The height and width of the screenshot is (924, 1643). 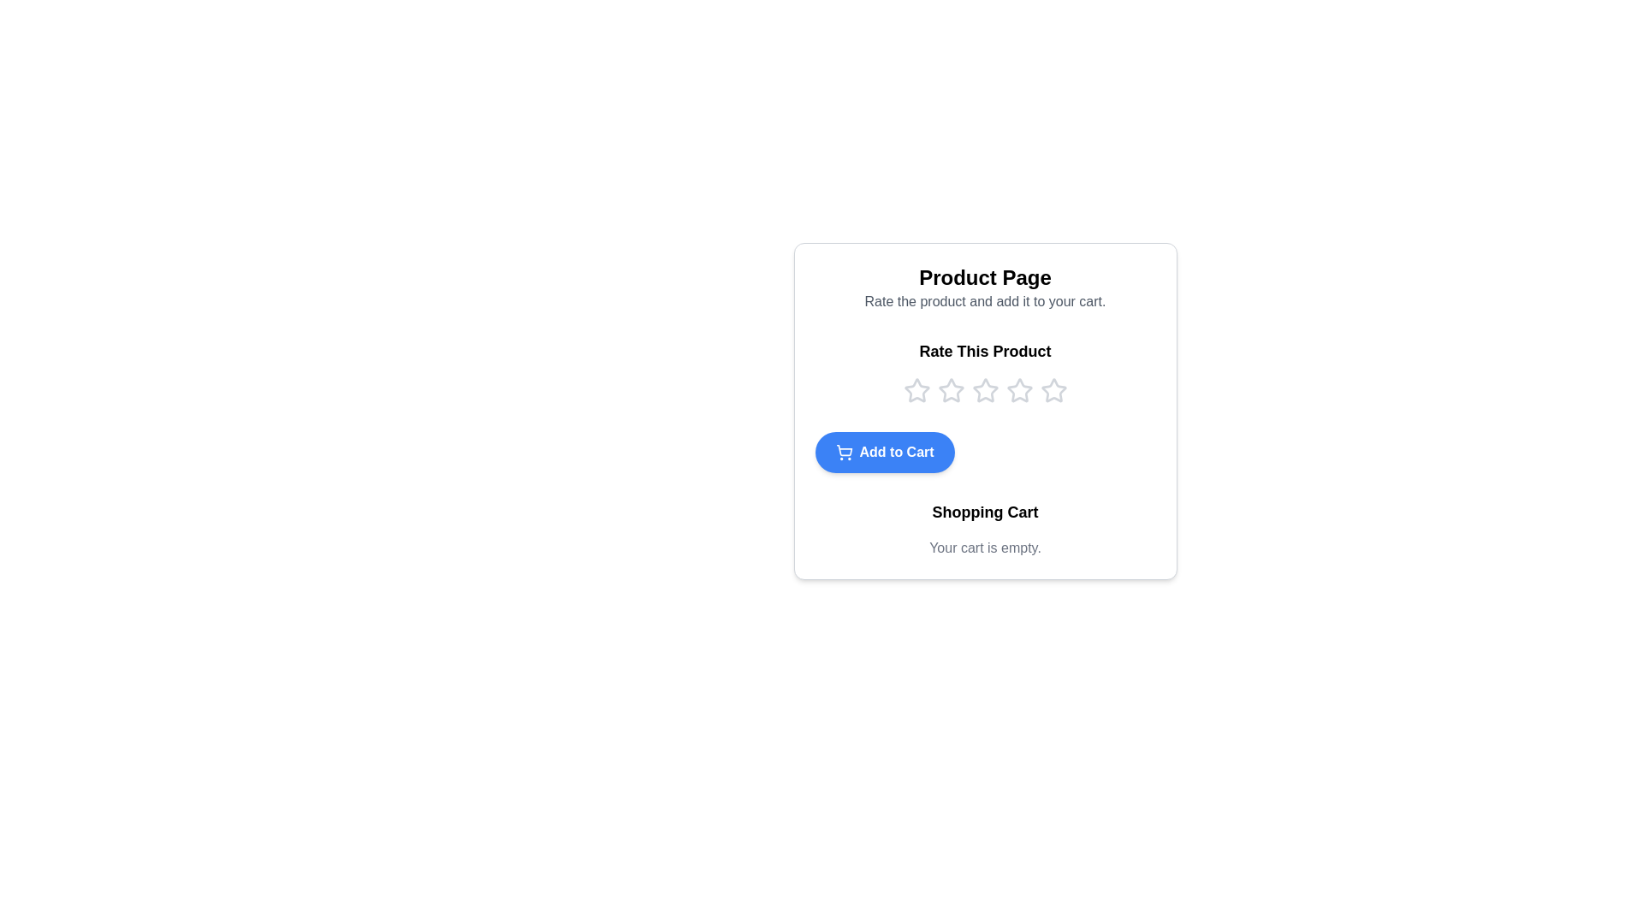 I want to click on the second star icon in the rating system located under the 'Rate This Product' text, so click(x=950, y=390).